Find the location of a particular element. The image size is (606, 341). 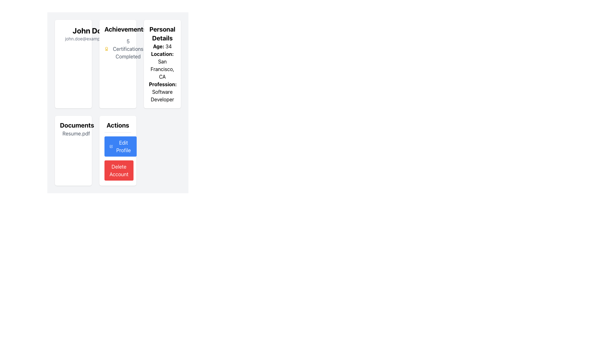

the text label displaying 'Resume.pdf' located within the 'Documents' section is located at coordinates (73, 133).